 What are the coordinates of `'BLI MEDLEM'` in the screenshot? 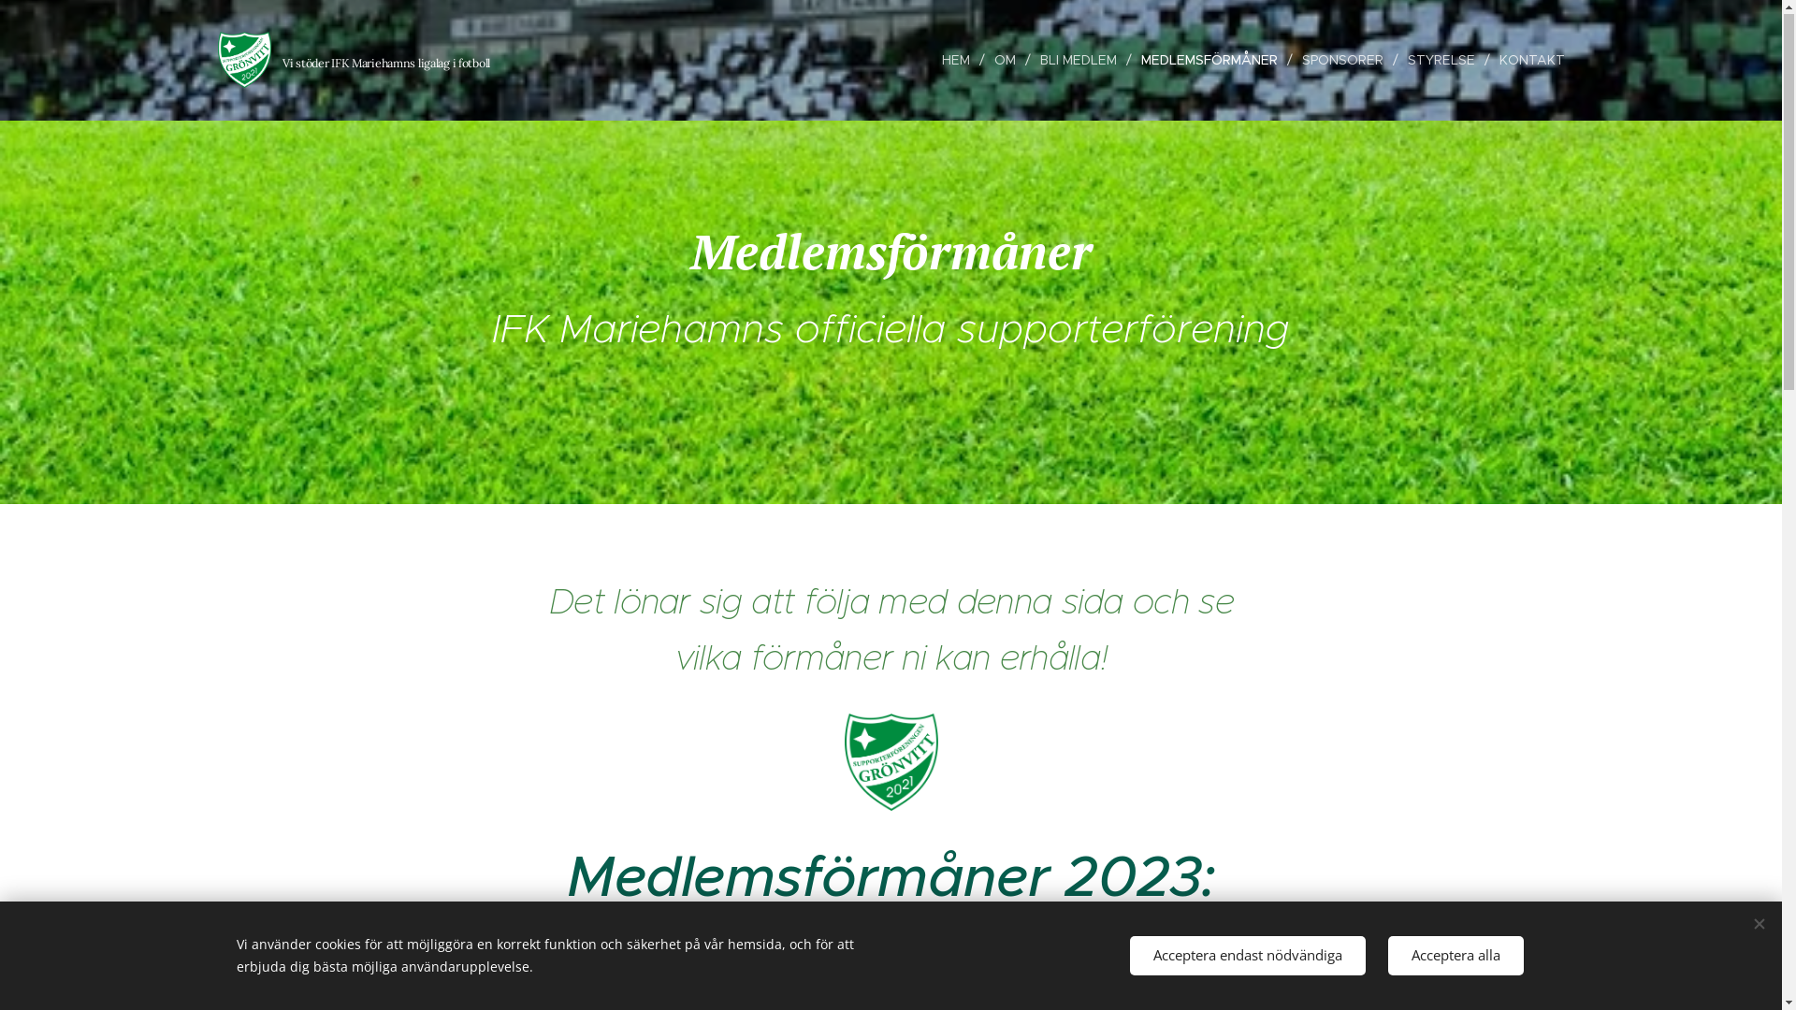 It's located at (1081, 60).